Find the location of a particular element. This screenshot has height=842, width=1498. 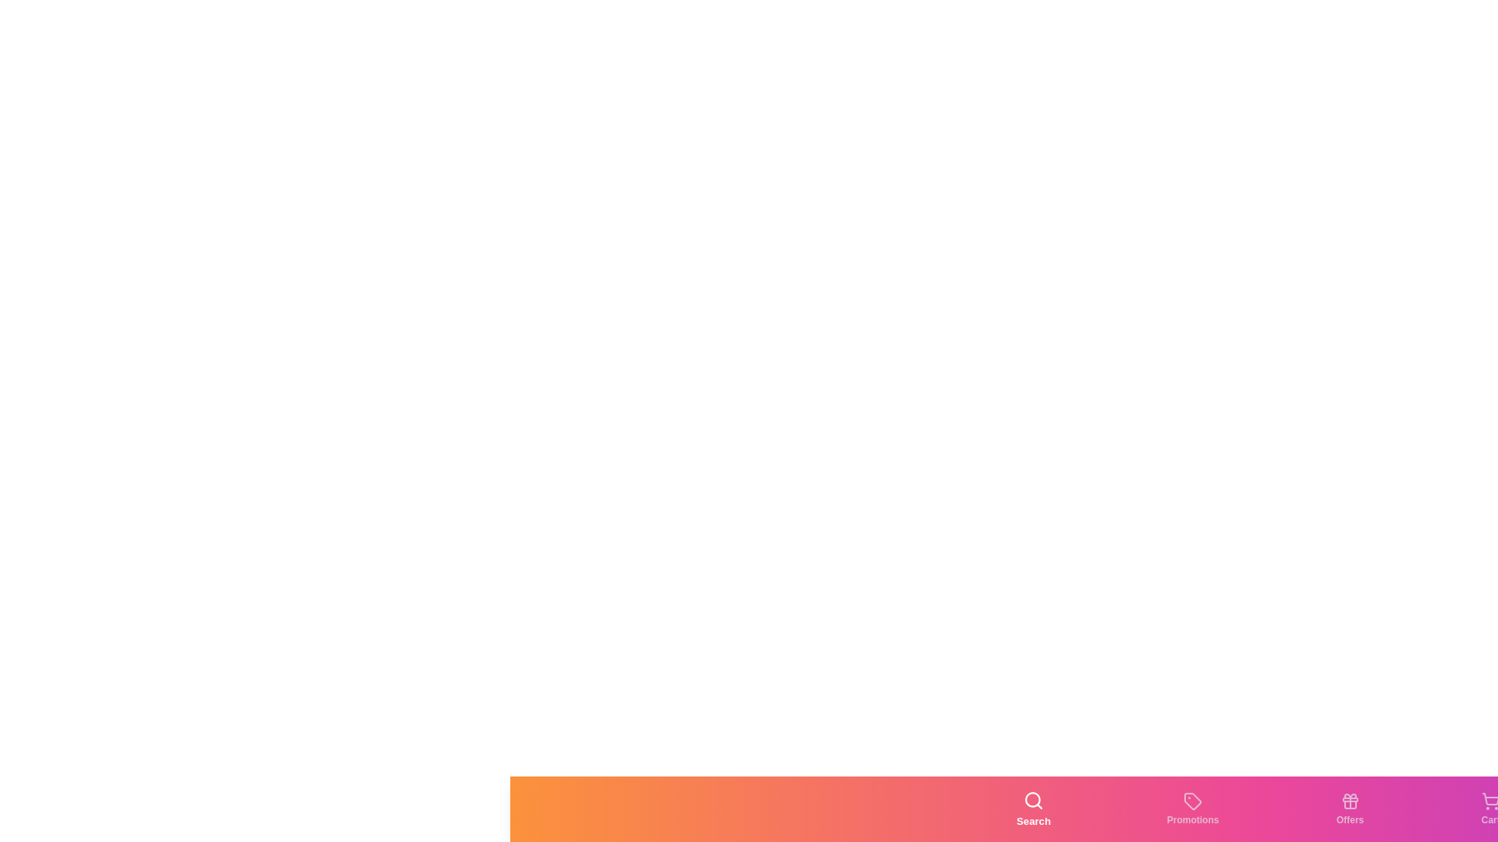

the Cart tab by clicking the corresponding button is located at coordinates (1489, 808).